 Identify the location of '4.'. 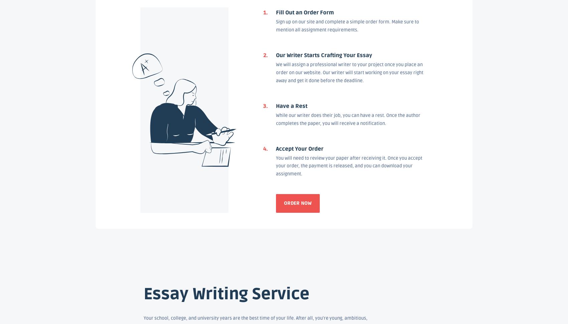
(265, 148).